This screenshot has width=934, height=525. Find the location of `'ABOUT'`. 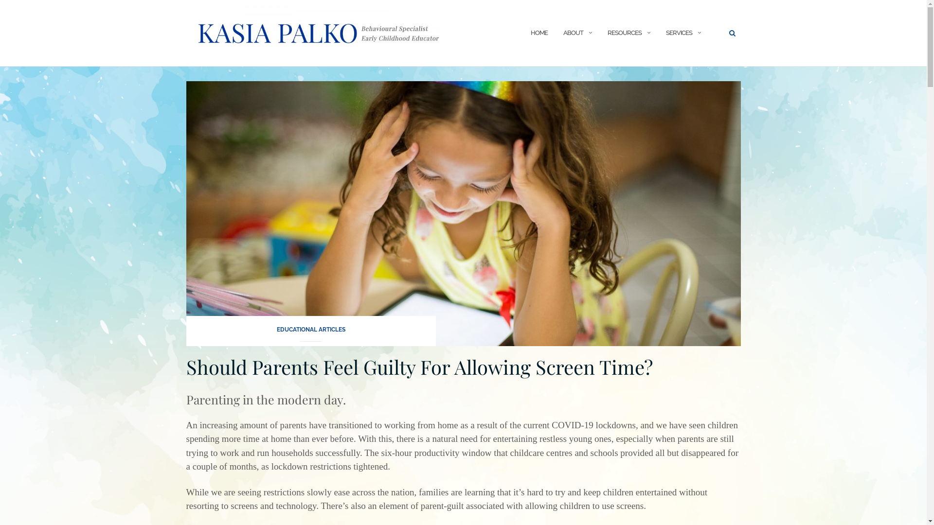

'ABOUT' is located at coordinates (563, 33).